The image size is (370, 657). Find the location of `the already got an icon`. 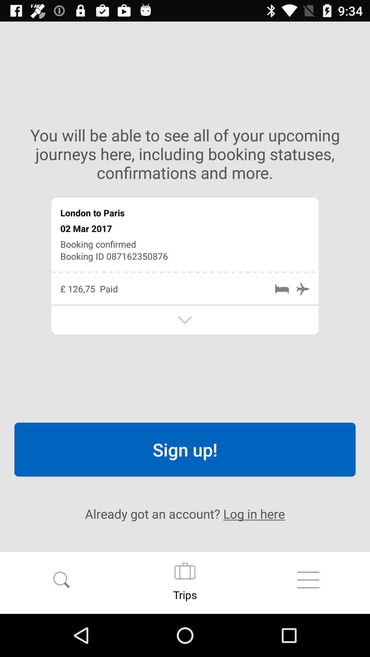

the already got an icon is located at coordinates (185, 514).